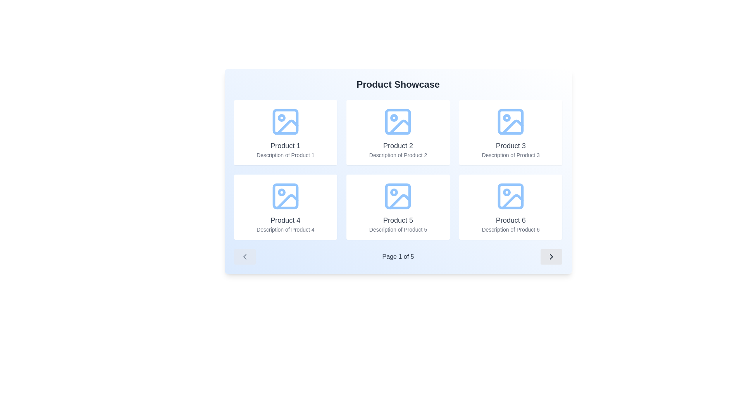  Describe the element at coordinates (285, 121) in the screenshot. I see `the blue icon resembling an image with a circle and diagonal line, located in the top-left card labeled 'Product 1', above the text 'Product 1' and 'Description of Product 1'` at that location.